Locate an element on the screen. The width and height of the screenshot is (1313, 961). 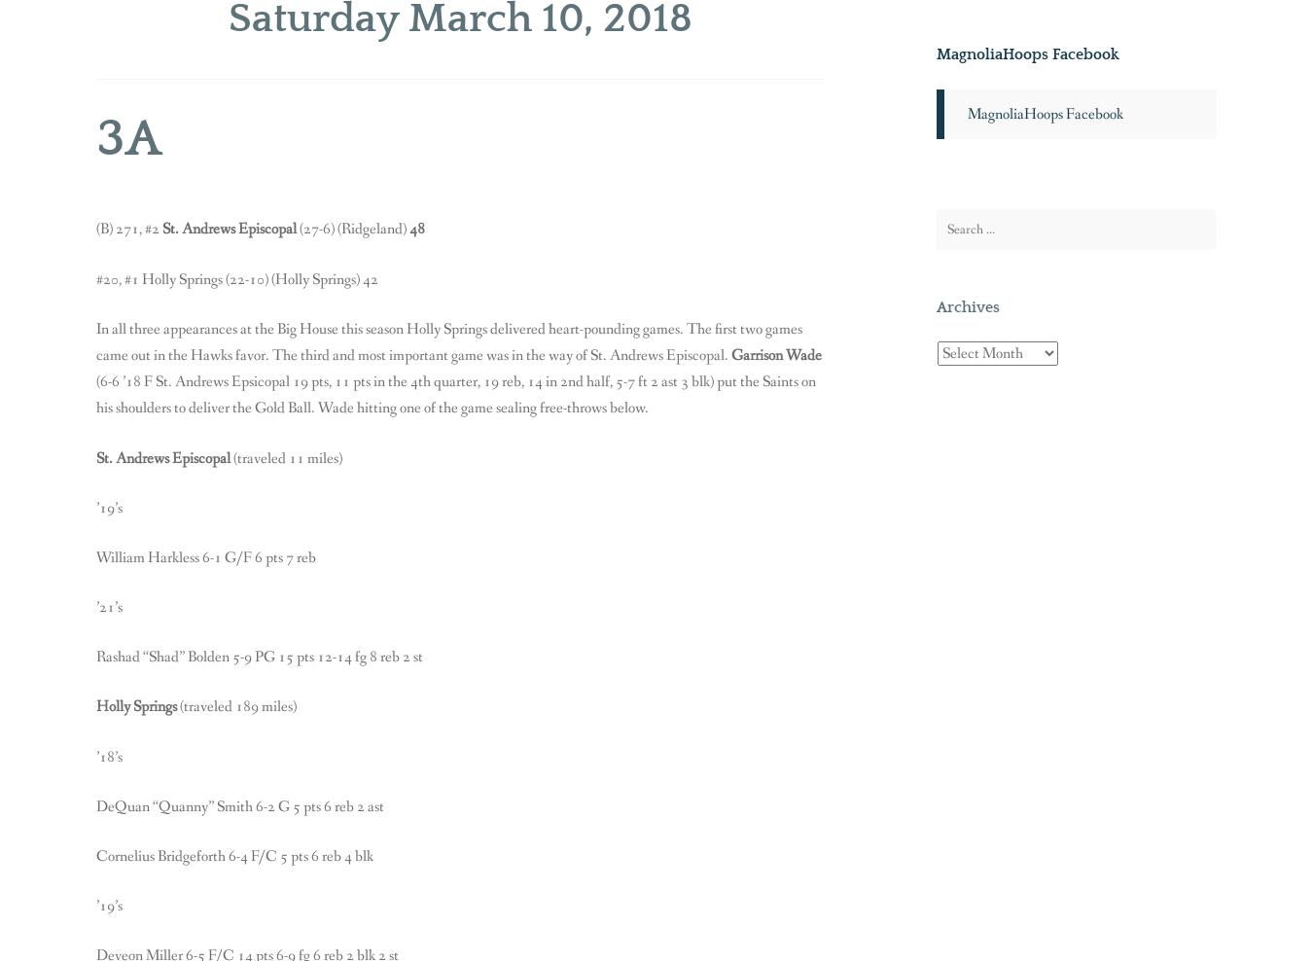
'48' is located at coordinates (417, 229).